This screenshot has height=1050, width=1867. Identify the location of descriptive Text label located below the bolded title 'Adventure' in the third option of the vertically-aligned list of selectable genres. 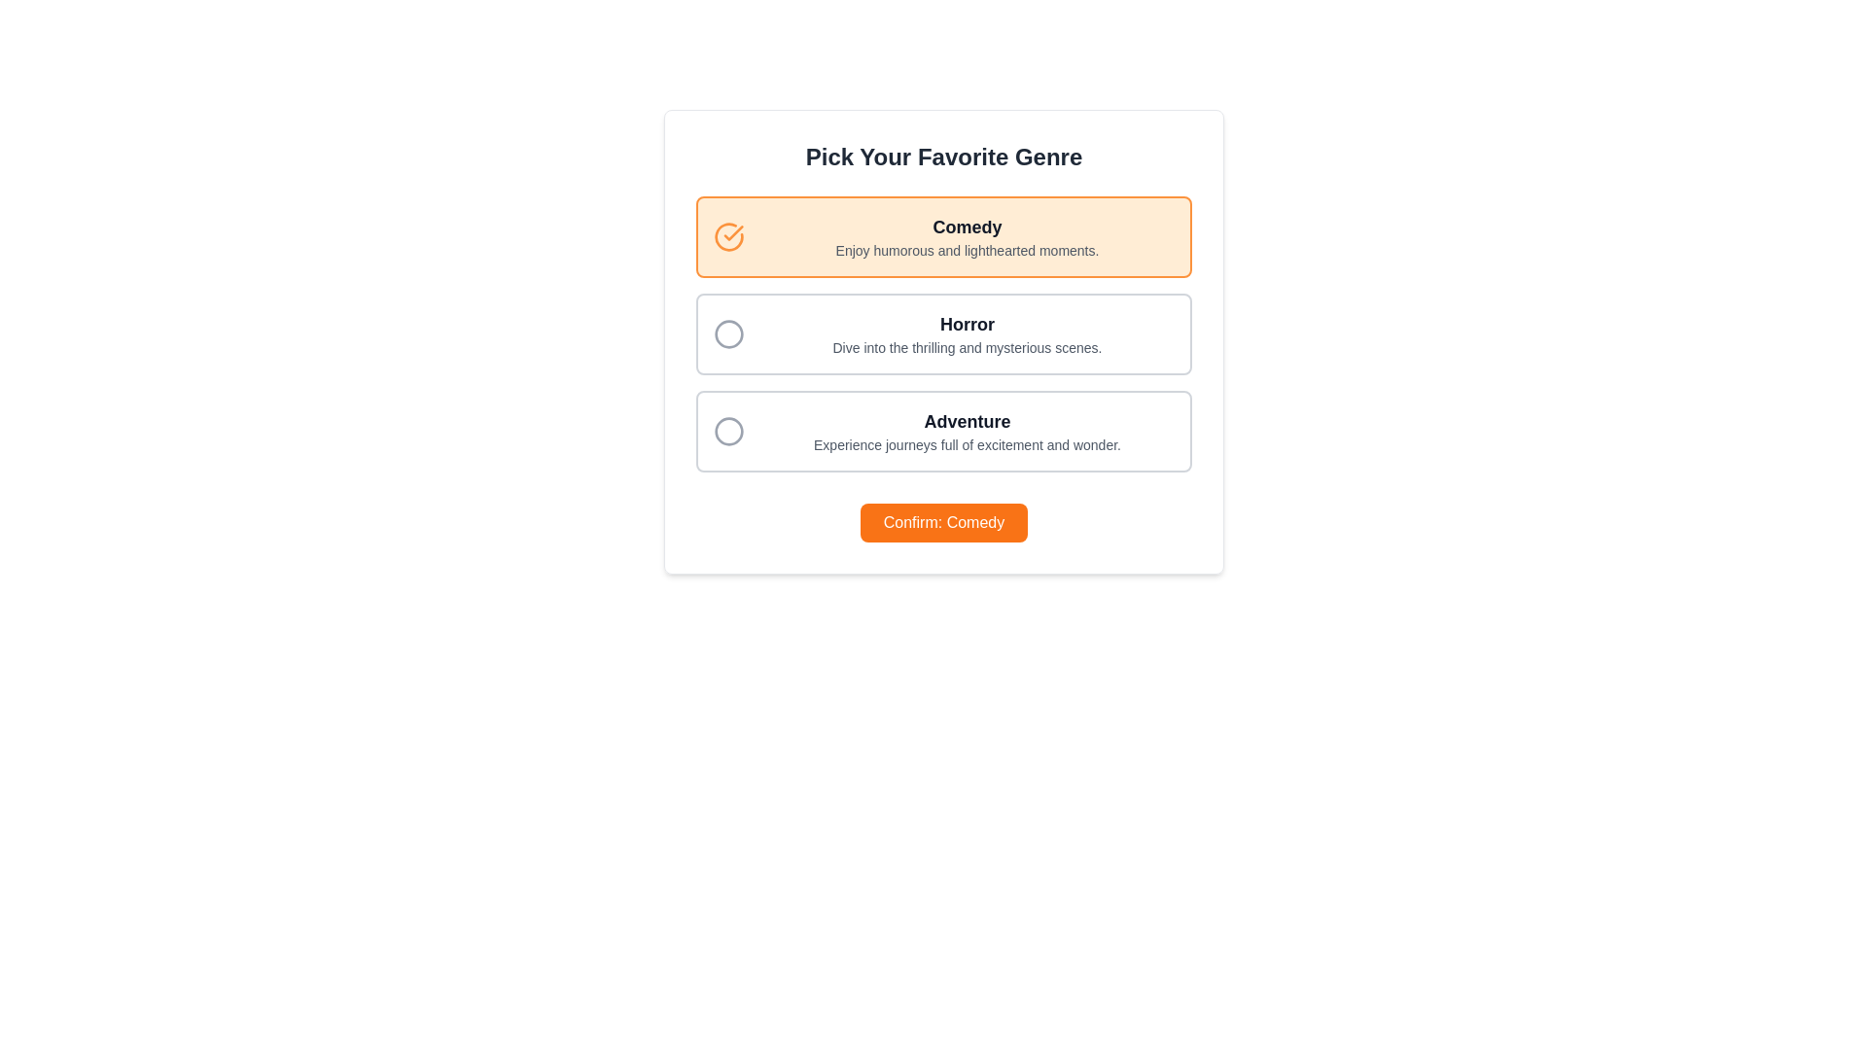
(967, 445).